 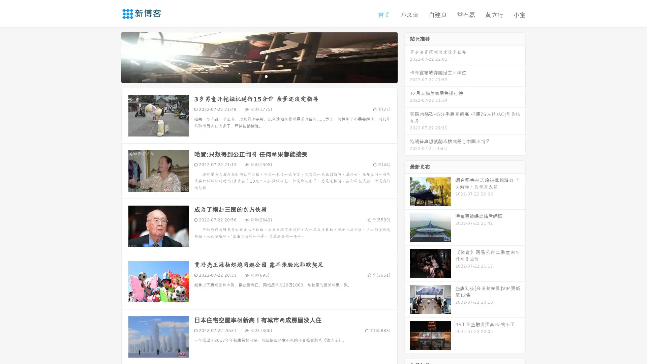 I want to click on Next slide, so click(x=407, y=57).